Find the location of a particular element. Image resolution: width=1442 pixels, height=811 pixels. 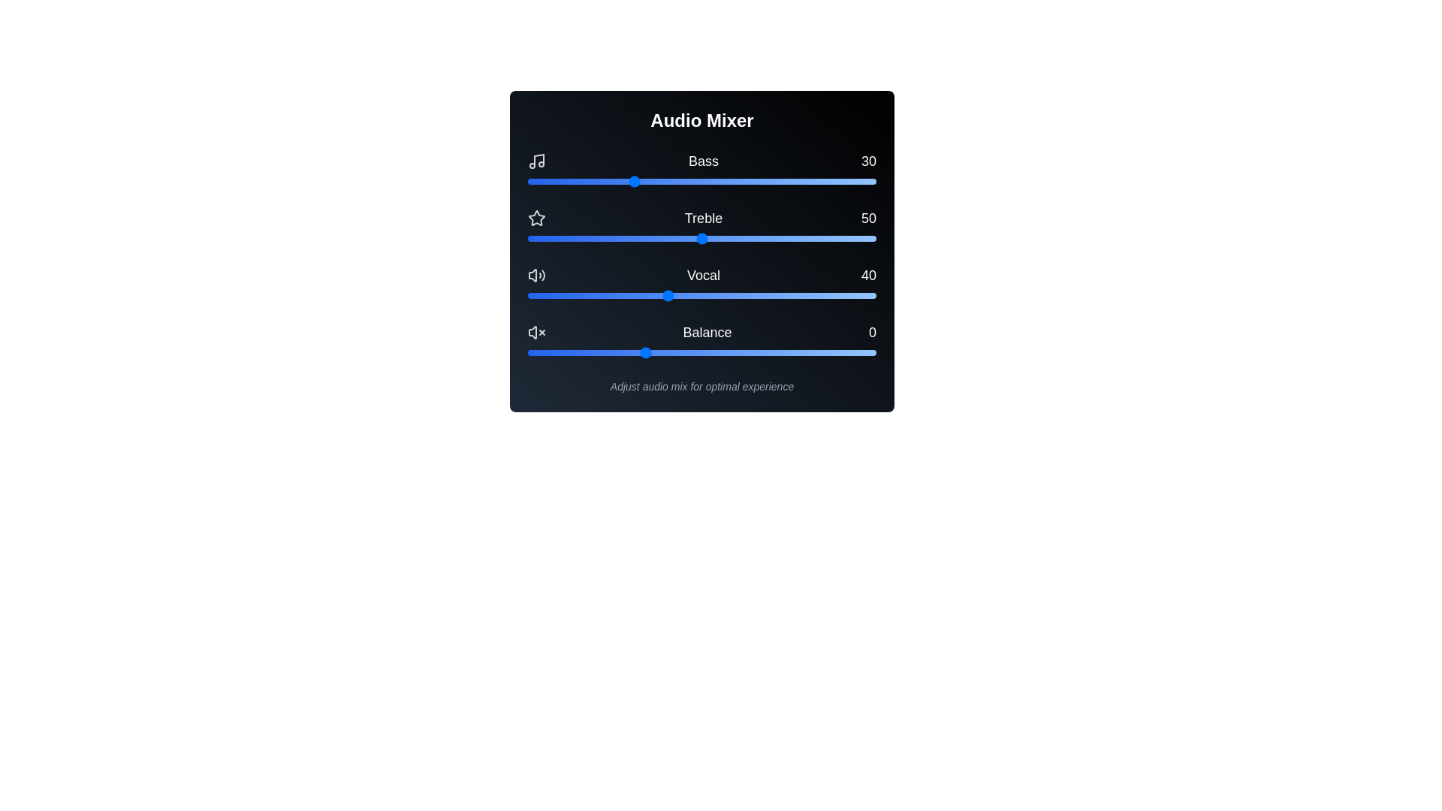

the balance slider to -32 within its range of -50 to 100 is located at coordinates (569, 353).